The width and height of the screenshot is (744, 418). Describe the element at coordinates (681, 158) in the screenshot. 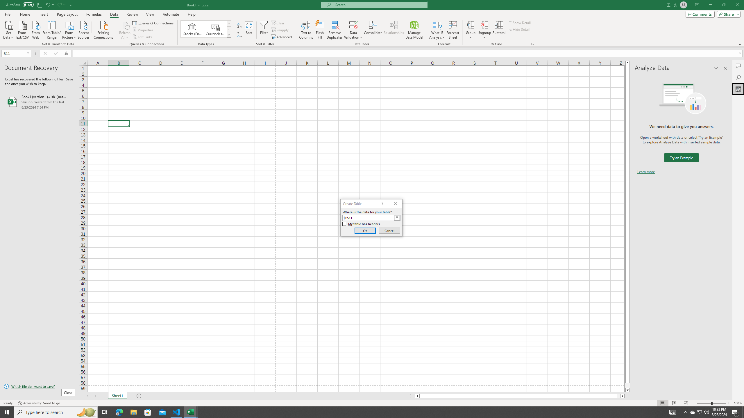

I see `'We need data to give you answers. Try an Example'` at that location.